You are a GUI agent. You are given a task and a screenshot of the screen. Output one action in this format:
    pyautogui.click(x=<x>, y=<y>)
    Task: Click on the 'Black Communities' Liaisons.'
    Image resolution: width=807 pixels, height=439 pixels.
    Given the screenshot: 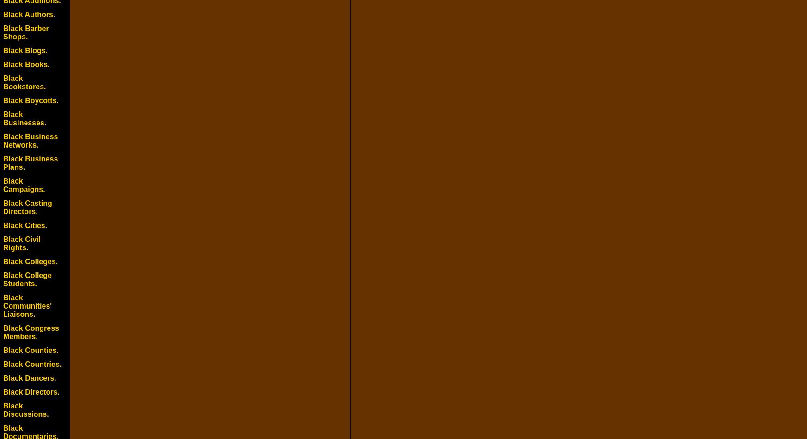 What is the action you would take?
    pyautogui.click(x=27, y=306)
    